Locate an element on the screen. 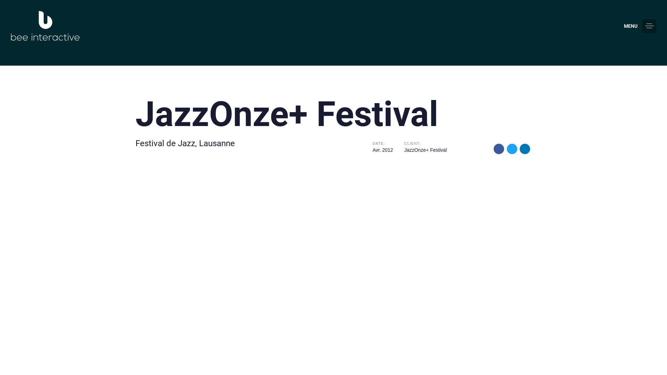 This screenshot has height=375, width=667. 'MENU' is located at coordinates (624, 25).